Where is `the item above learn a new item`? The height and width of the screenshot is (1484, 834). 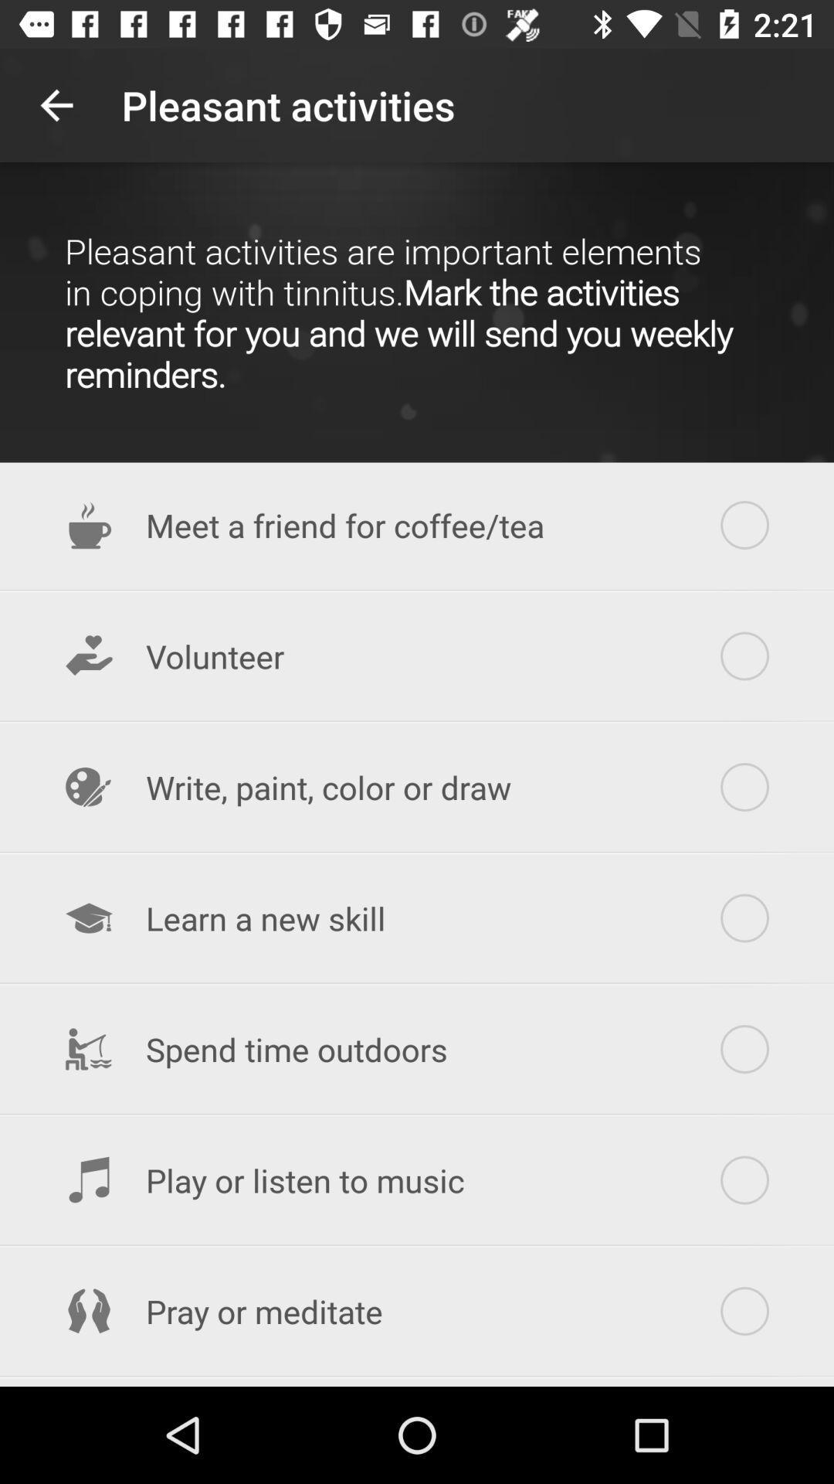
the item above learn a new item is located at coordinates (417, 787).